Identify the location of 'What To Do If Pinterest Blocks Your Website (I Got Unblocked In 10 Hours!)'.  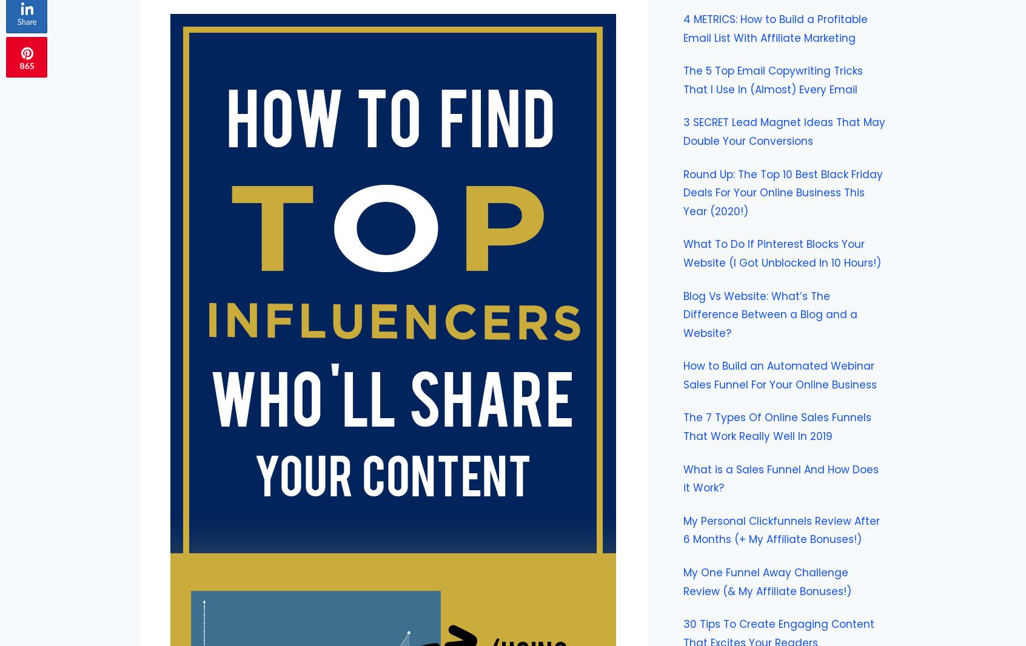
(781, 253).